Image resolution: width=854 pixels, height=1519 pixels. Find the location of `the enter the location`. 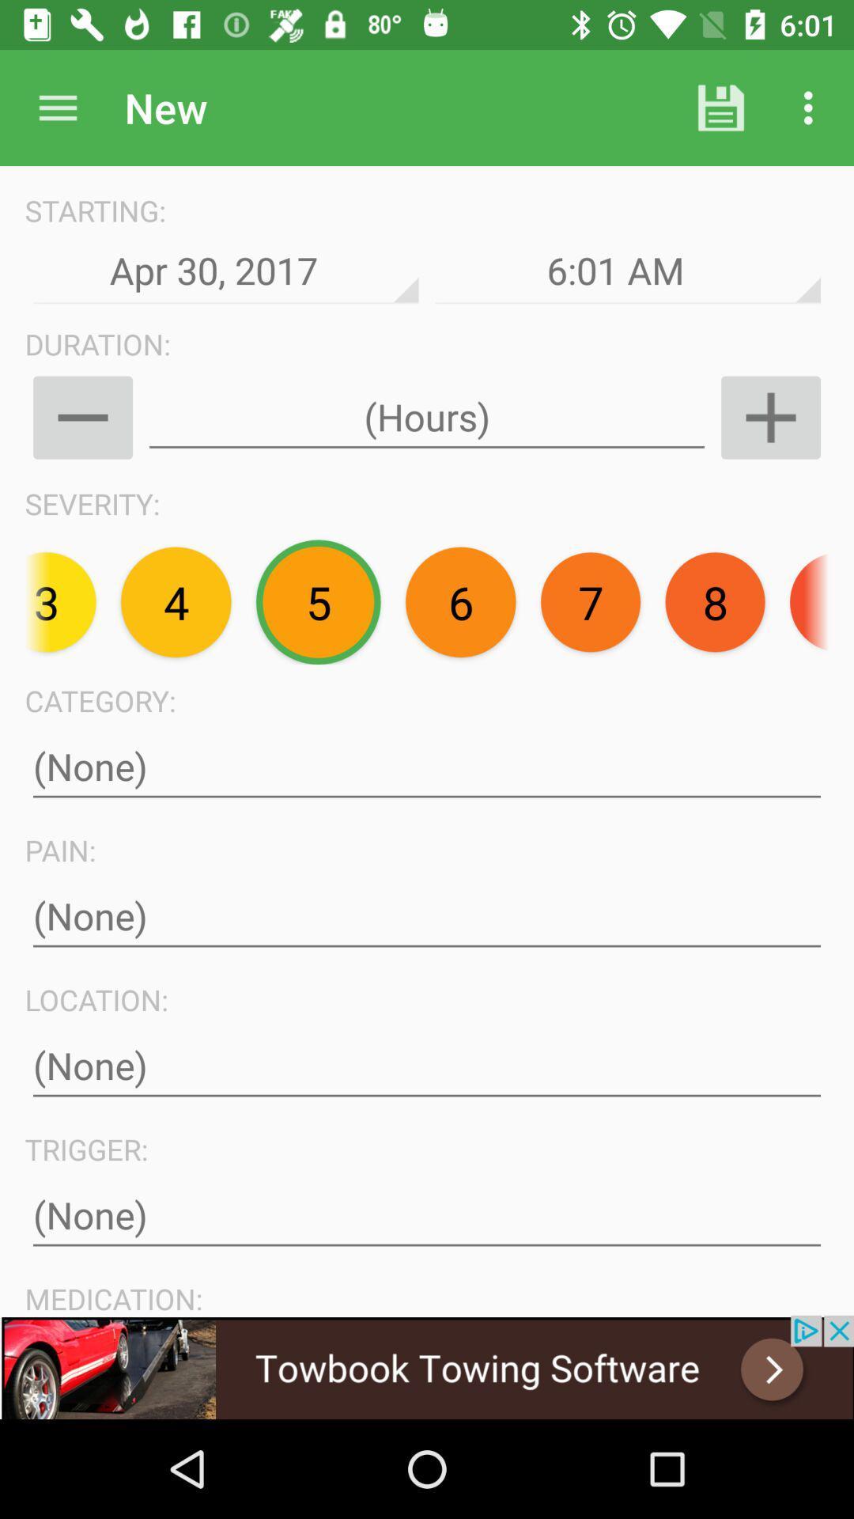

the enter the location is located at coordinates (427, 1066).